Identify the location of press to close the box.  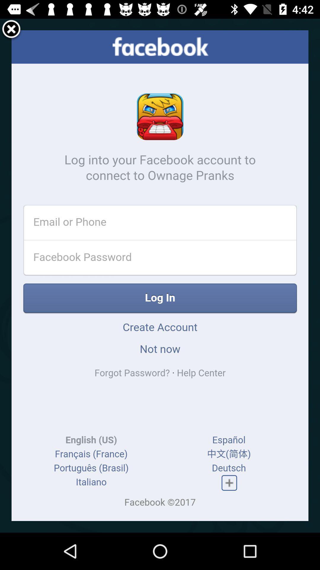
(11, 30).